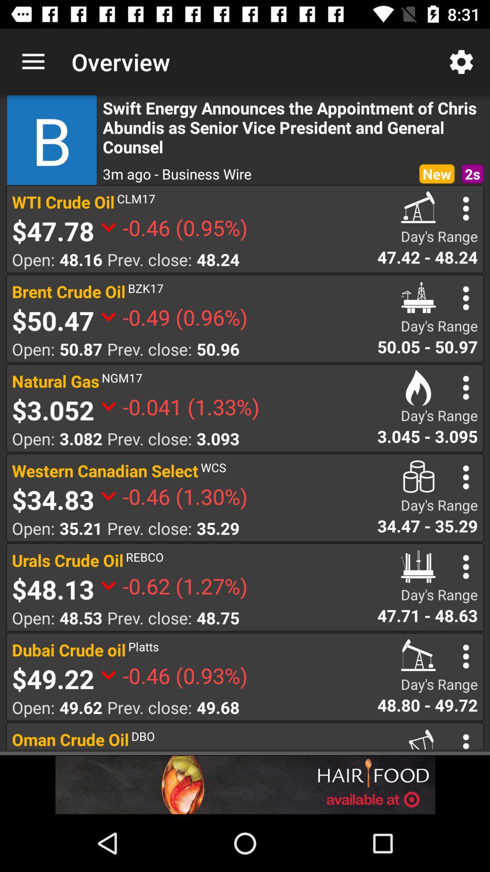  Describe the element at coordinates (245, 784) in the screenshot. I see `access advertisement` at that location.